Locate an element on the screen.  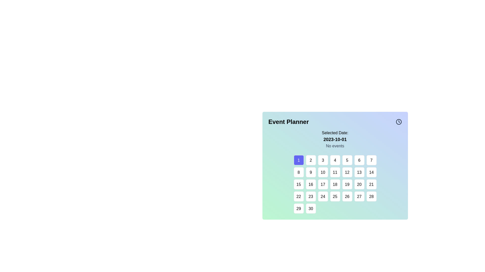
the first selectable day button in the calendar interface is located at coordinates (299, 160).